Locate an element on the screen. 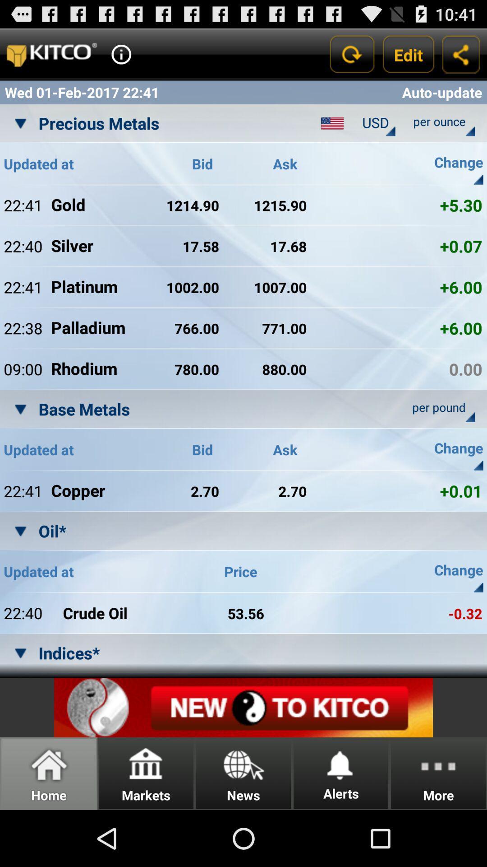 The image size is (487, 867). new to kitco is located at coordinates (243, 707).